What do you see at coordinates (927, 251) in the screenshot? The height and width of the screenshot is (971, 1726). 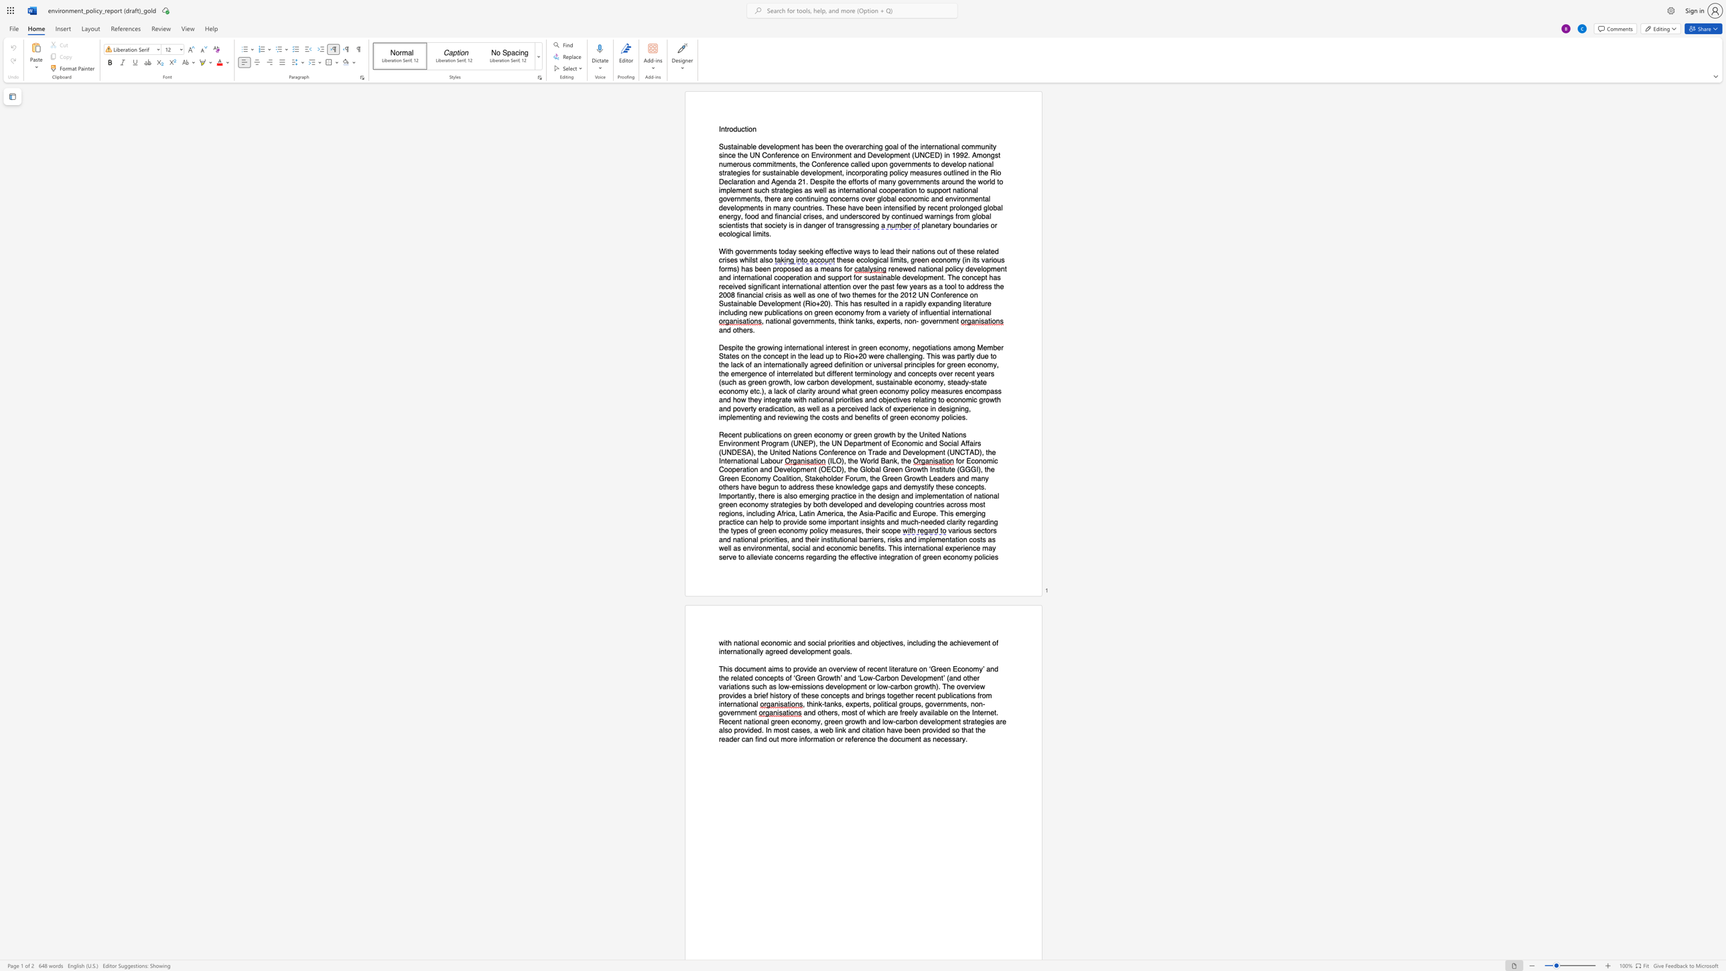 I see `the subset text "ns out of these related crises whilst" within the text "With governments today seeking effective ways to lead their nations out of these related crises whilst also"` at bounding box center [927, 251].